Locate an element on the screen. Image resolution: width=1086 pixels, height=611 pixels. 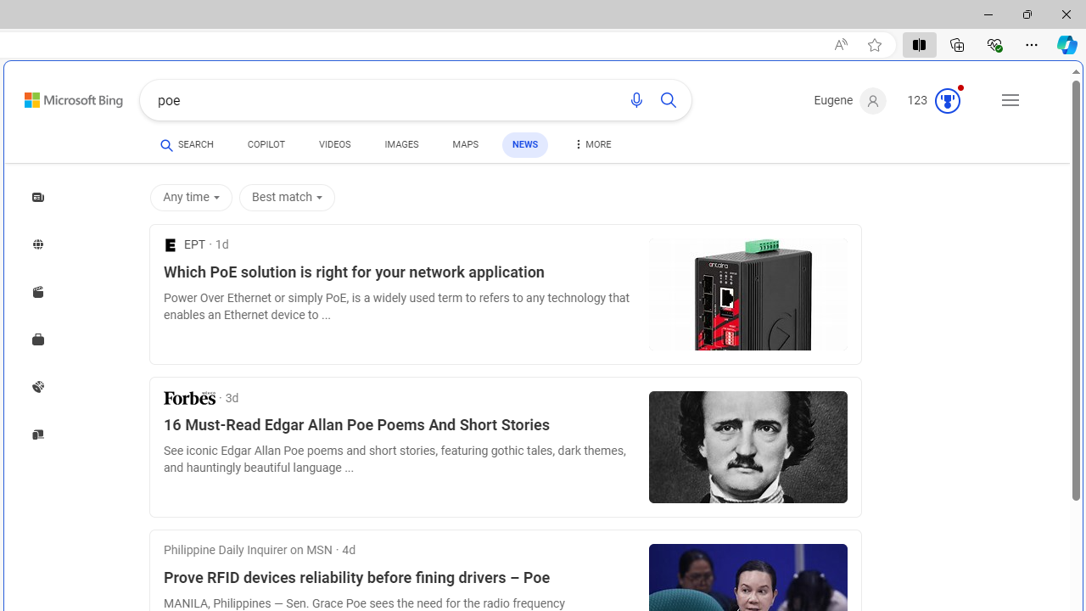
'VIDEOS' is located at coordinates (334, 146).